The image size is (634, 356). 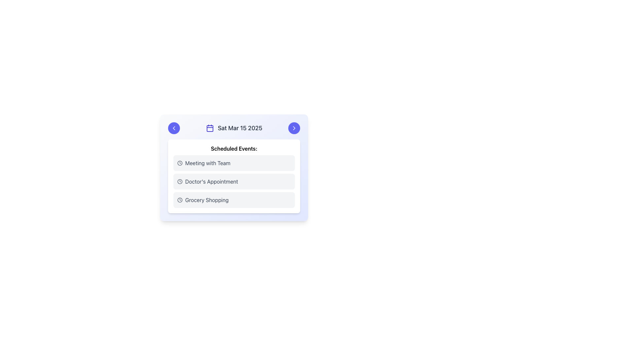 I want to click on the calendar icon located at the top left of the section, which is part of the header alongside the date 'Sat Mar 15 2025', so click(x=209, y=128).